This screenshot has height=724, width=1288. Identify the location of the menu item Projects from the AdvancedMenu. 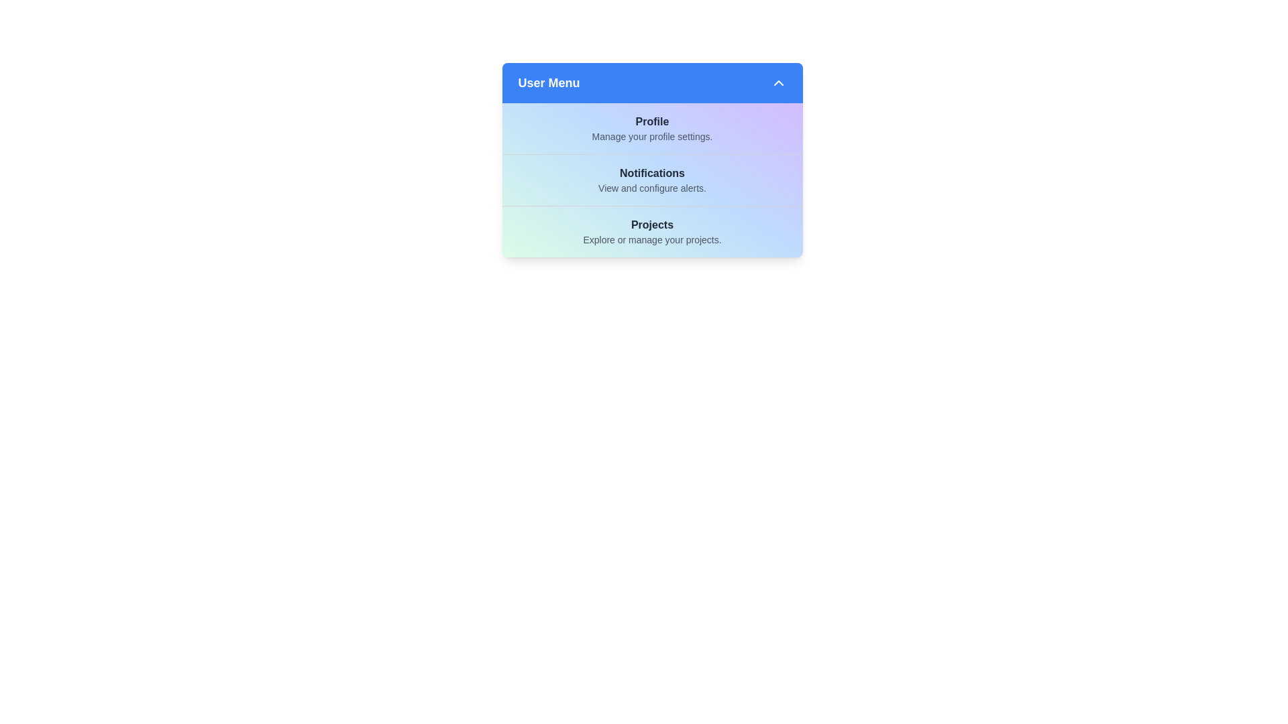
(652, 231).